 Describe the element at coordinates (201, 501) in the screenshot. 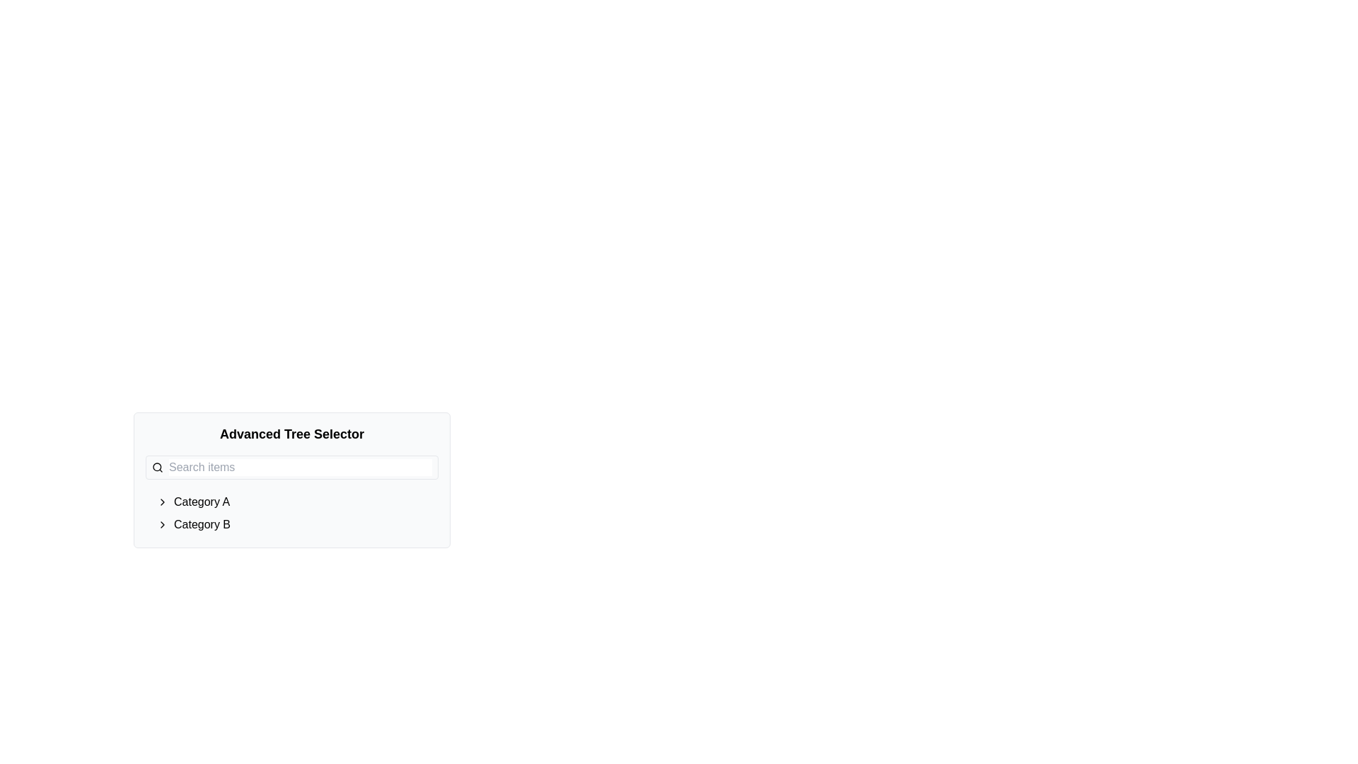

I see `the arrow icon associated with 'Category A'` at that location.